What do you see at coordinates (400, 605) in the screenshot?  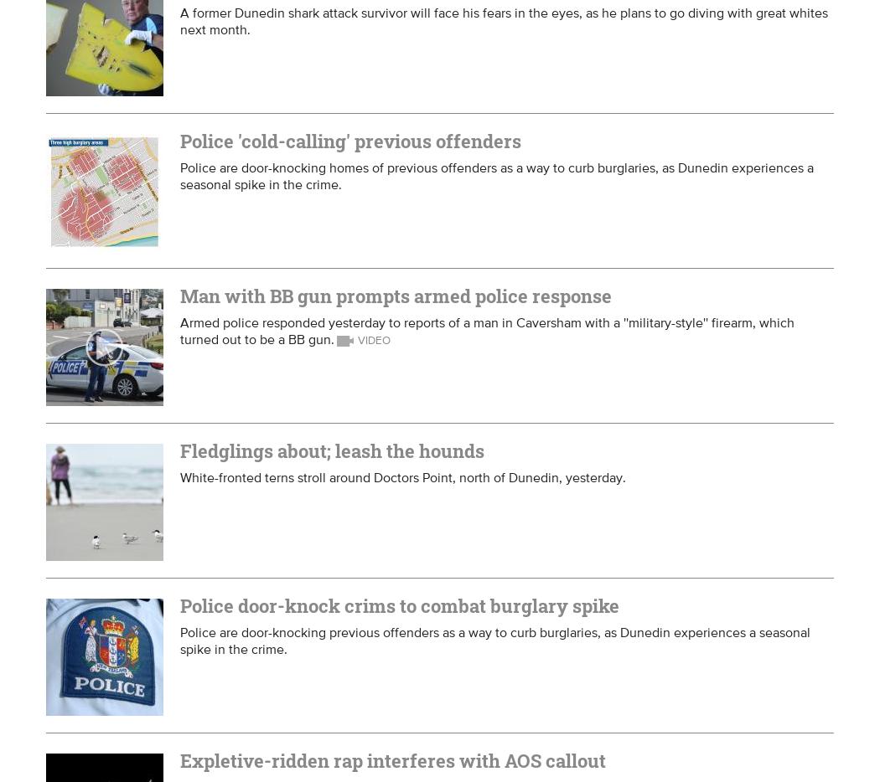 I see `'Police door-knock crims to combat burglary spike'` at bounding box center [400, 605].